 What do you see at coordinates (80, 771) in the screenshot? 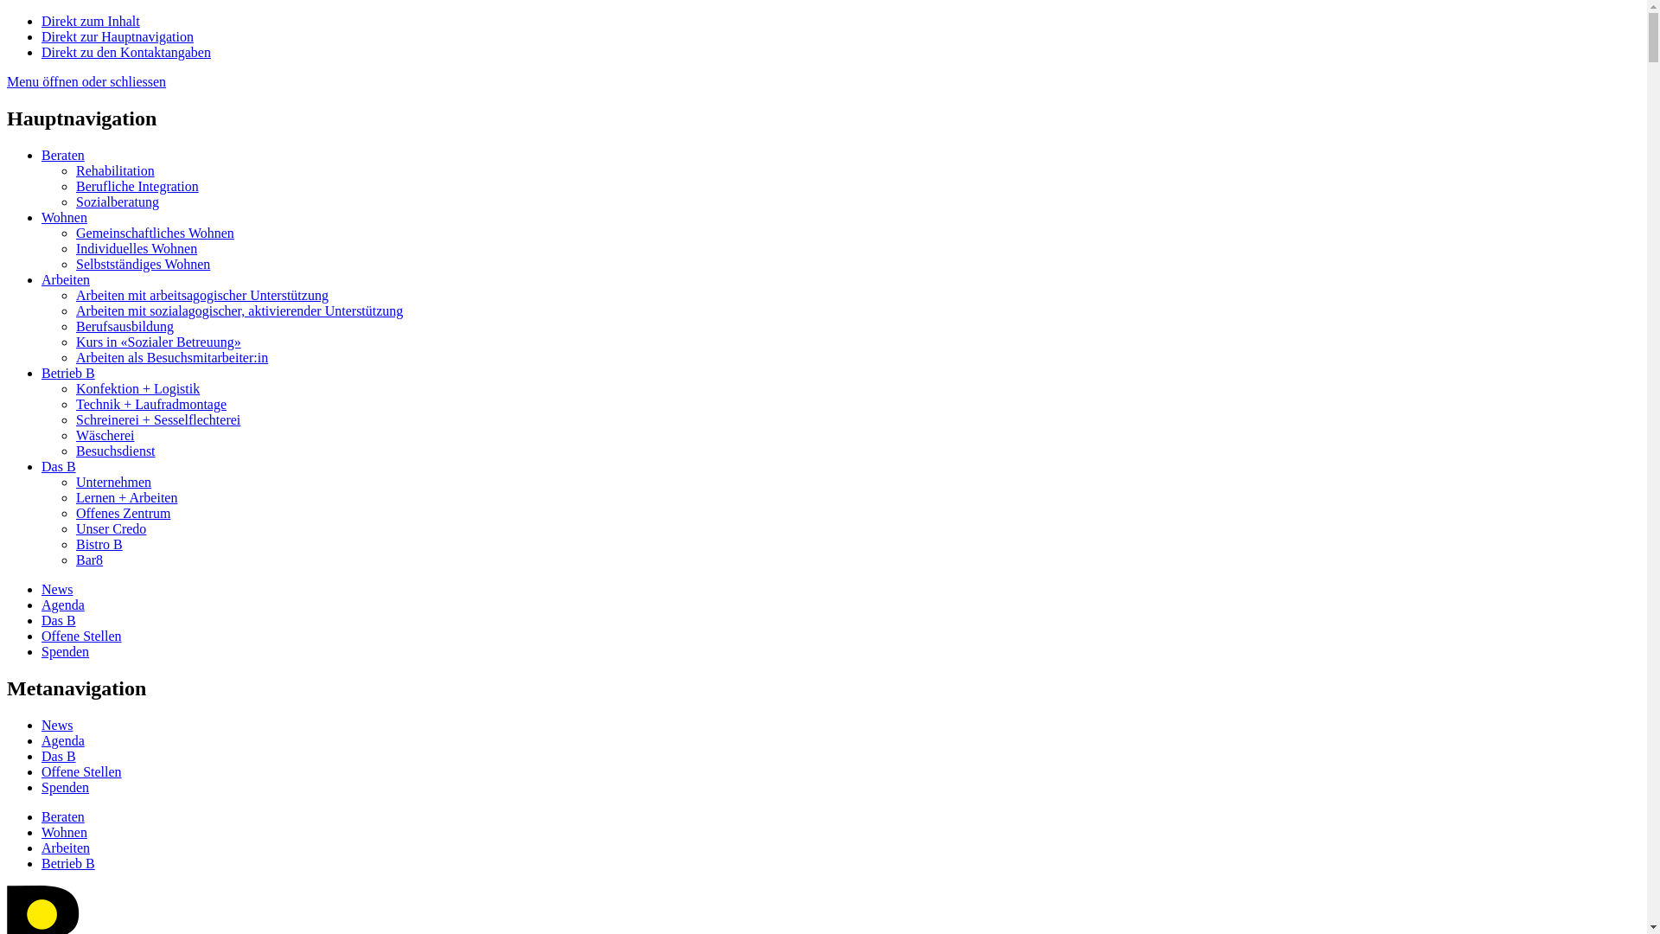
I see `'Offene Stellen'` at bounding box center [80, 771].